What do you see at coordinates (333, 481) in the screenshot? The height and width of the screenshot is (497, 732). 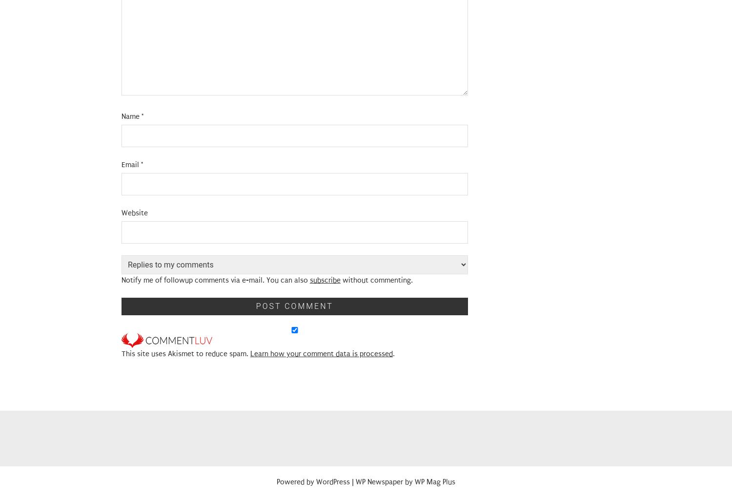 I see `'WordPress'` at bounding box center [333, 481].